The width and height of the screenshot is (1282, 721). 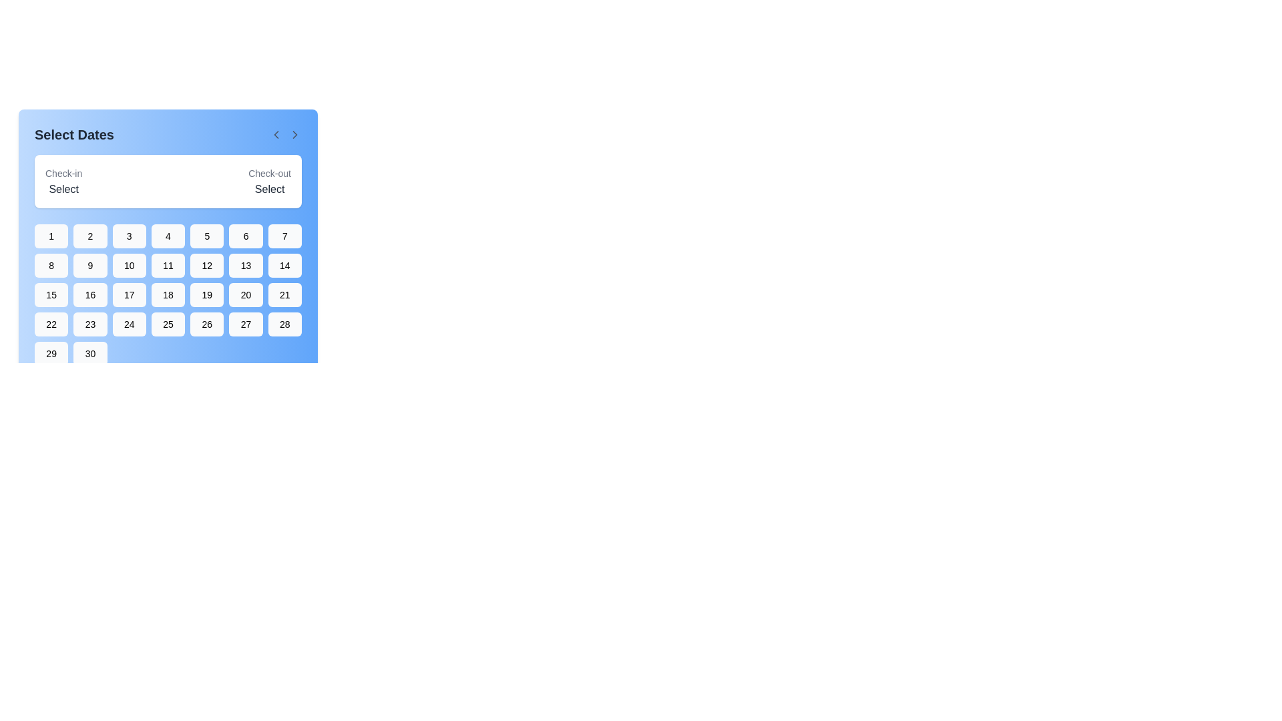 What do you see at coordinates (246, 294) in the screenshot?
I see `the selectable date button for '20'` at bounding box center [246, 294].